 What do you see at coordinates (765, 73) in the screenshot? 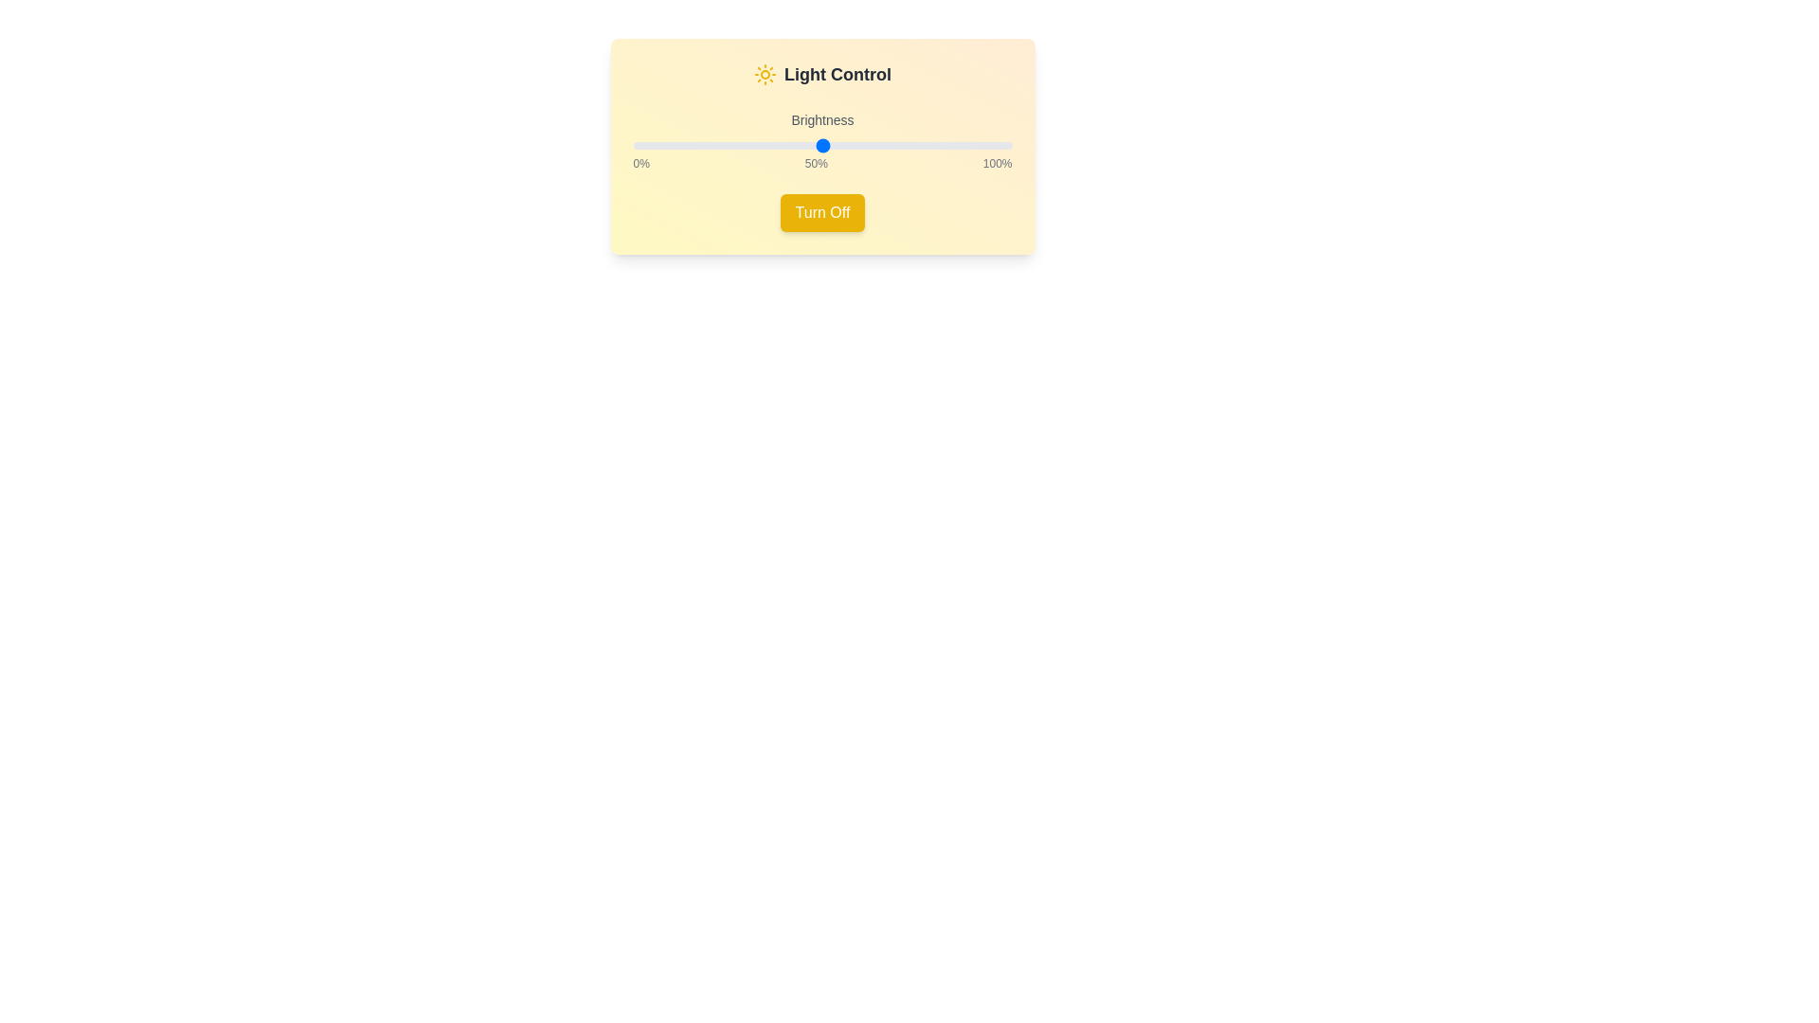
I see `the sun icon styled in yellow, which symbolizes brightness, located in the header area to the left of 'Light Control'` at bounding box center [765, 73].